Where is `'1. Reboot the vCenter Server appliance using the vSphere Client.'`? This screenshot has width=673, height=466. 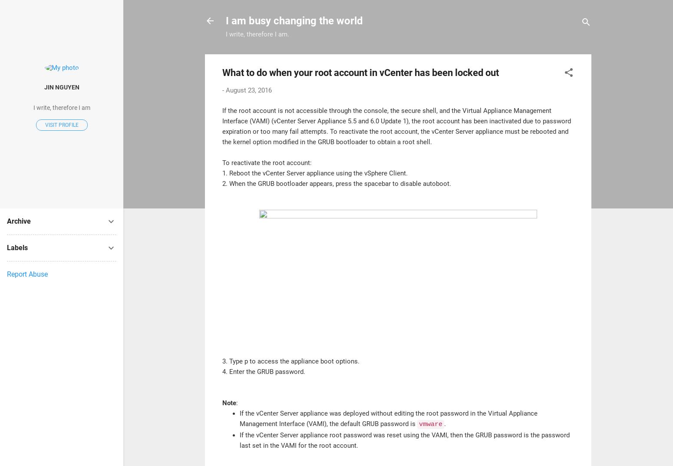 '1. Reboot the vCenter Server appliance using the vSphere Client.' is located at coordinates (315, 172).